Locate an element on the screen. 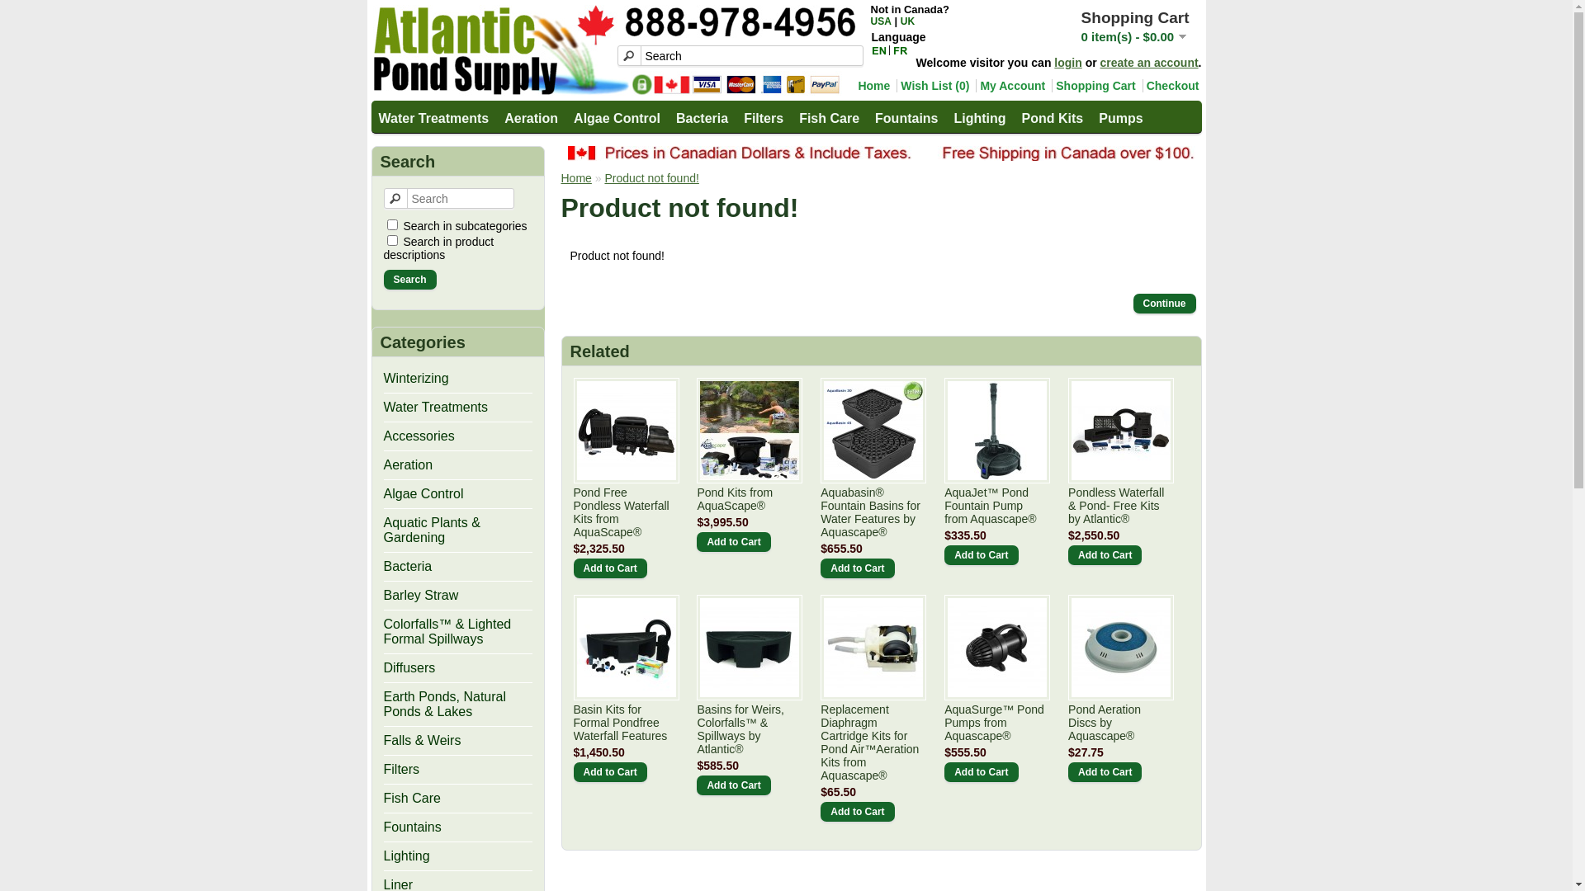 This screenshot has height=891, width=1585. 'Filters' is located at coordinates (400, 769).